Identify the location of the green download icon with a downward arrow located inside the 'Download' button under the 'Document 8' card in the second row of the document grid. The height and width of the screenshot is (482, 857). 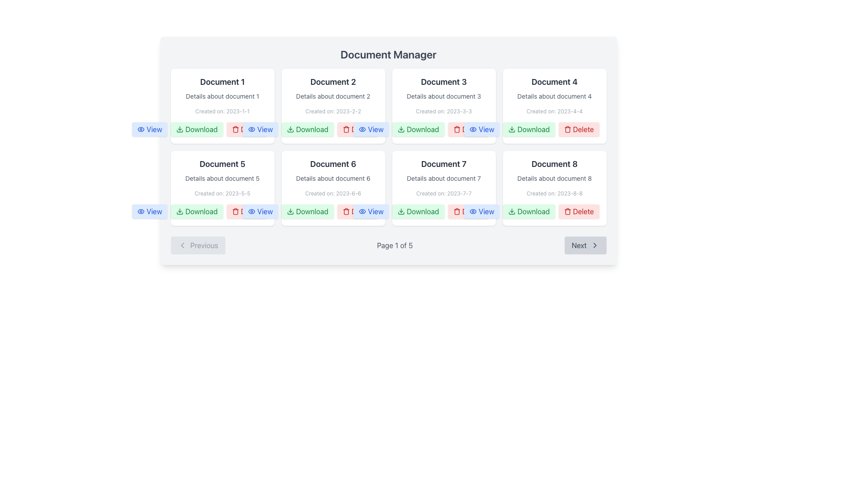
(512, 212).